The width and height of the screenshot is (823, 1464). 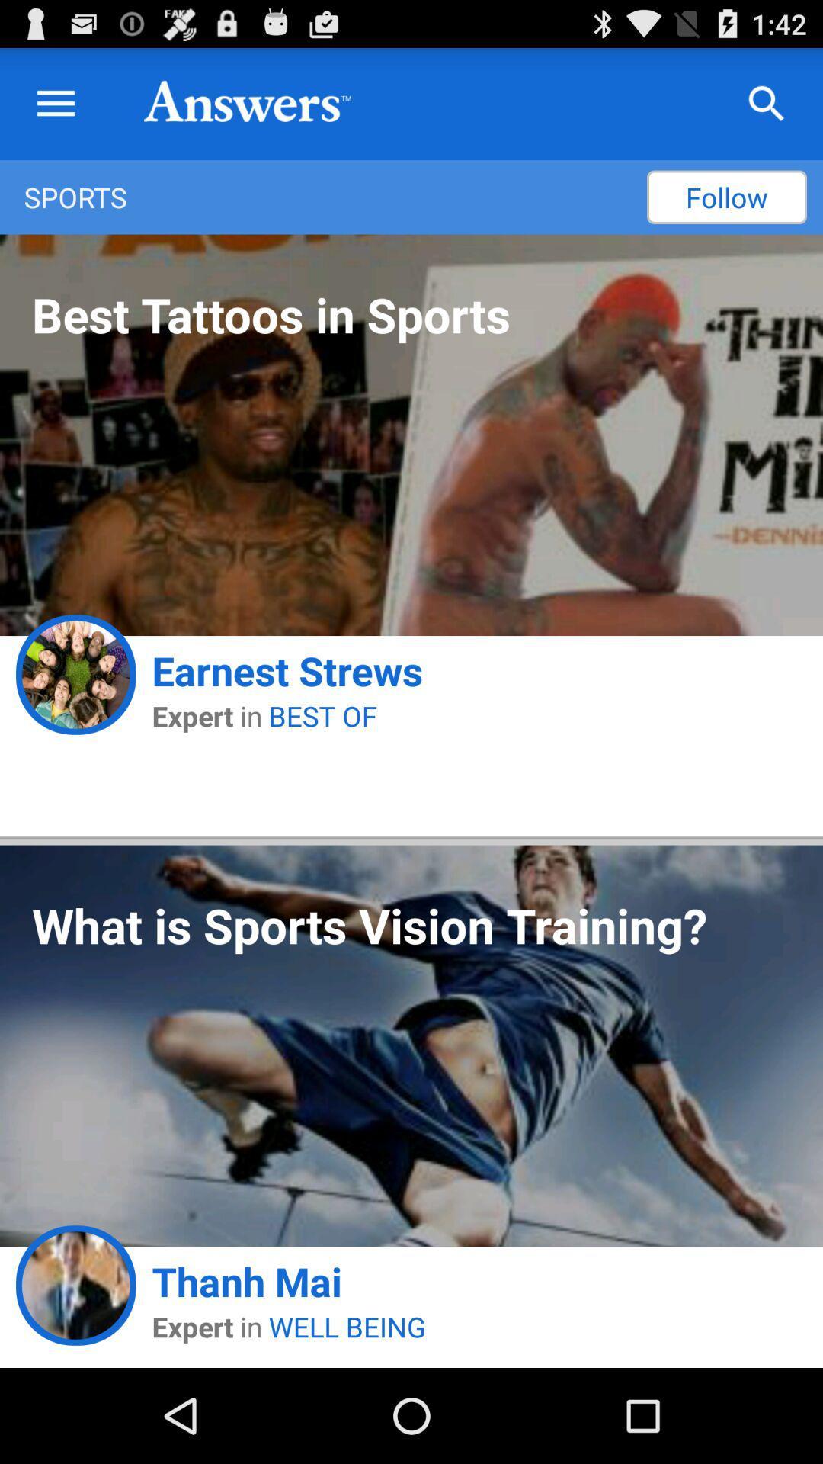 I want to click on the menu icon, so click(x=55, y=111).